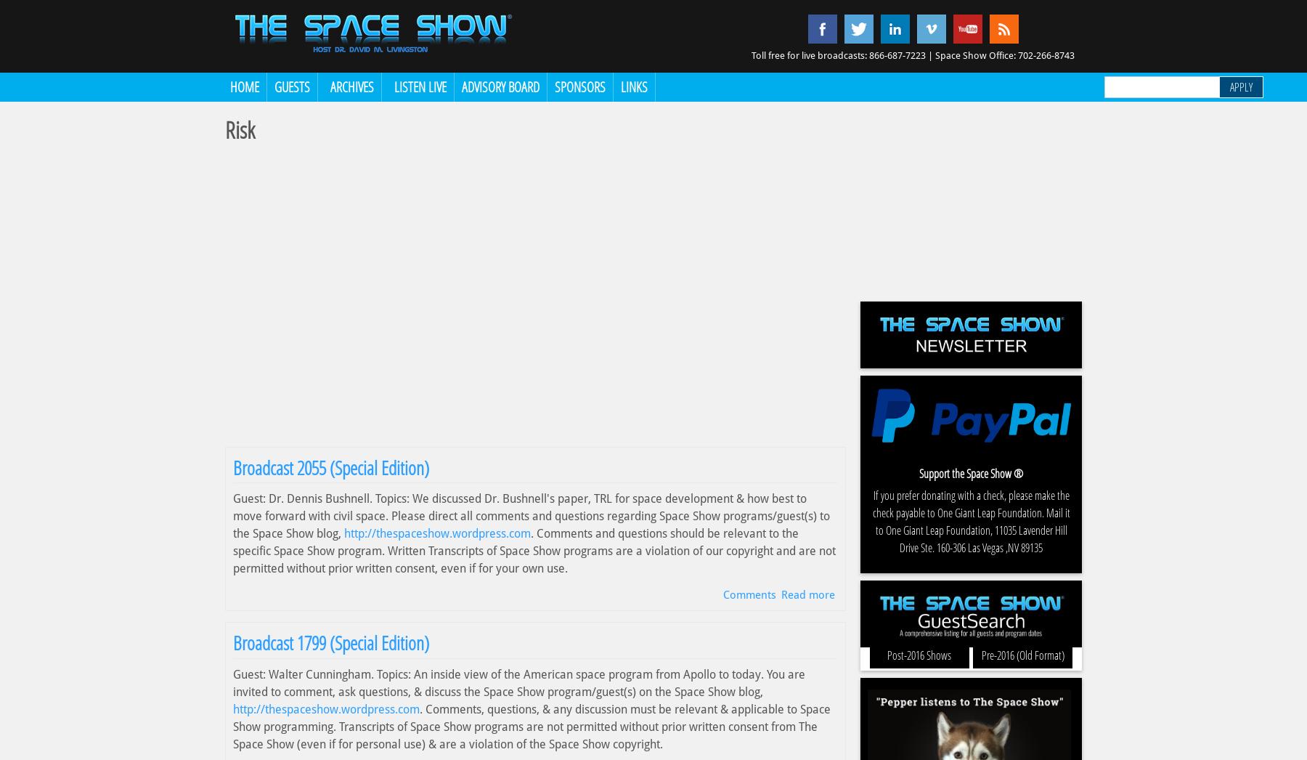  Describe the element at coordinates (871, 521) in the screenshot. I see `'If you prefer donating with a check, please make the check payable to One Giant Leap Foundation. Mail it to One Giant Leap Foundation, 11035 Lavender Hill Drive Ste. 160-306 Las Vegas ,NV 89135'` at that location.